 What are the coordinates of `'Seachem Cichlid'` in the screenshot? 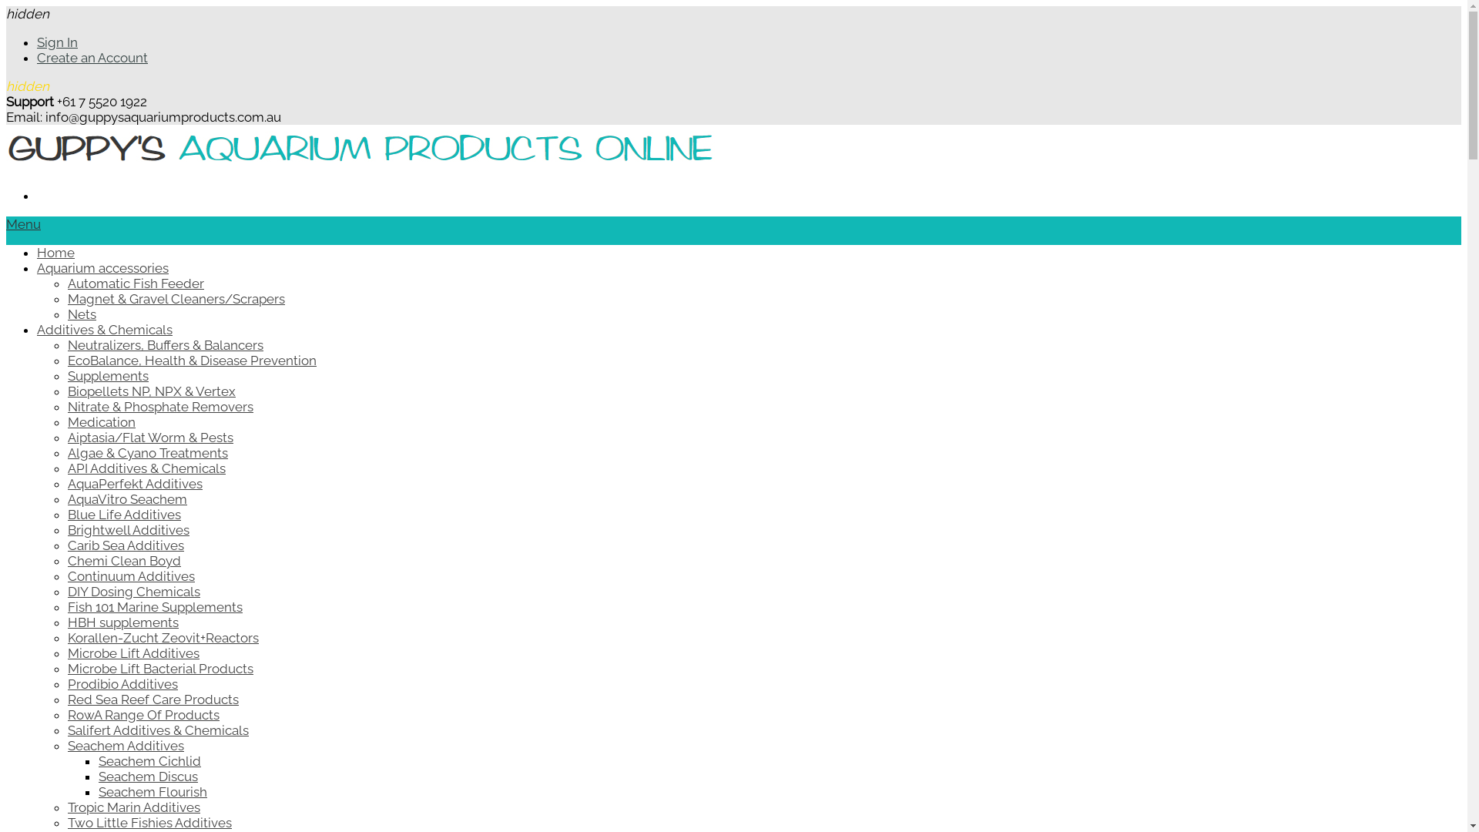 It's located at (149, 760).